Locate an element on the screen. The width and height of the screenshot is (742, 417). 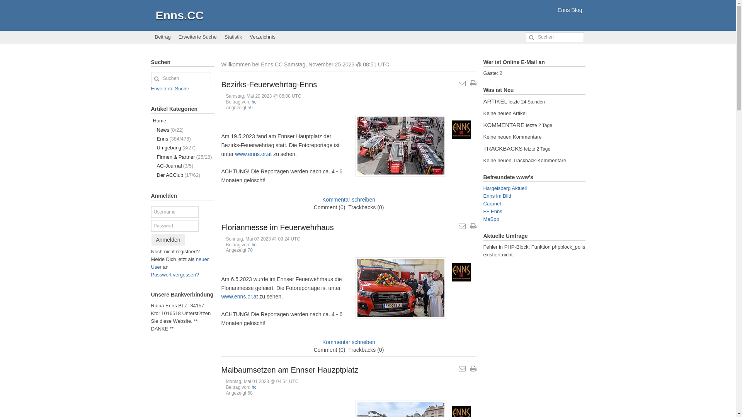
'Erweiterte Suche' is located at coordinates (169, 88).